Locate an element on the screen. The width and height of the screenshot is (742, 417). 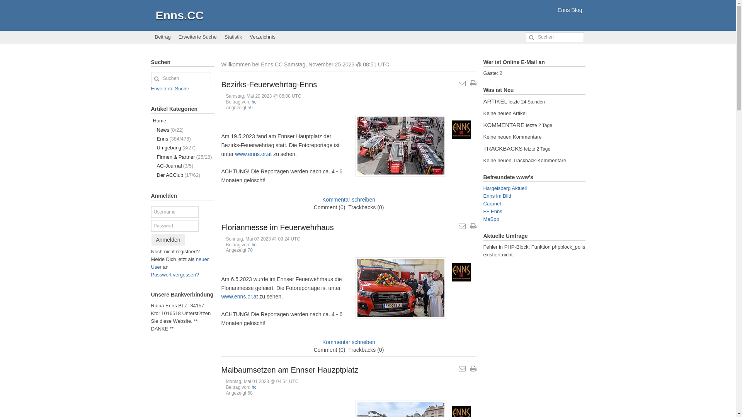
'Erweiterte Suche' is located at coordinates (169, 88).